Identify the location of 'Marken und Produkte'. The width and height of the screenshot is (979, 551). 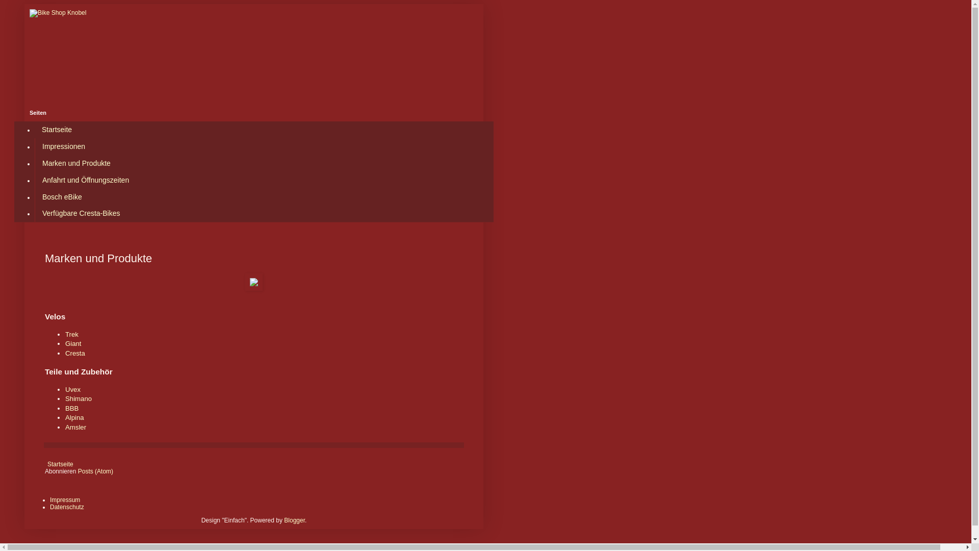
(75, 163).